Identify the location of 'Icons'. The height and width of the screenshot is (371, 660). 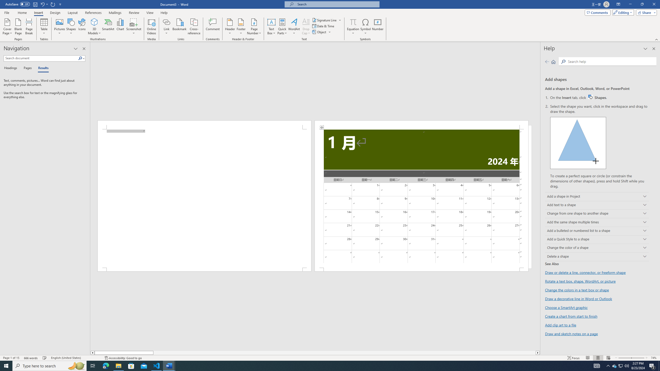
(82, 27).